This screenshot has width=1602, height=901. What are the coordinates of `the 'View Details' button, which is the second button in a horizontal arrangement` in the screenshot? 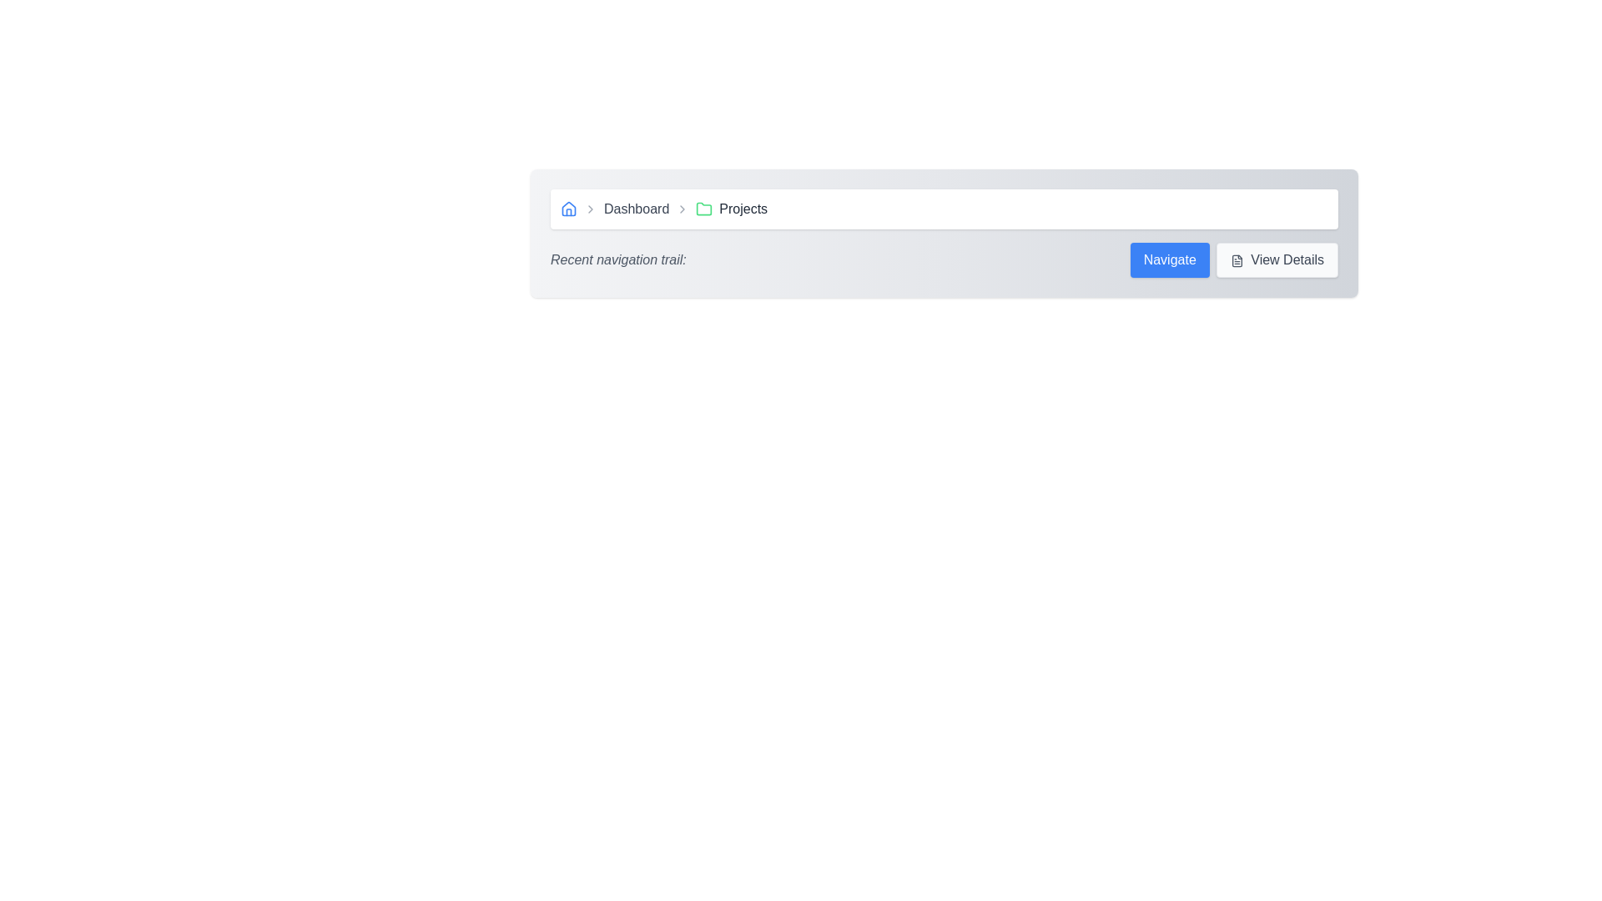 It's located at (1276, 260).